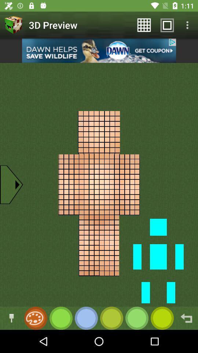 This screenshot has width=198, height=353. I want to click on choose color button, so click(86, 318).